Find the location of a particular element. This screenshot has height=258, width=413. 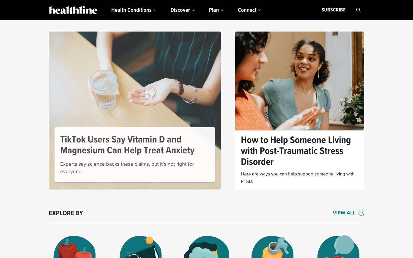

the icon located at the top left of the screen to access the homepage is located at coordinates (73, 10).